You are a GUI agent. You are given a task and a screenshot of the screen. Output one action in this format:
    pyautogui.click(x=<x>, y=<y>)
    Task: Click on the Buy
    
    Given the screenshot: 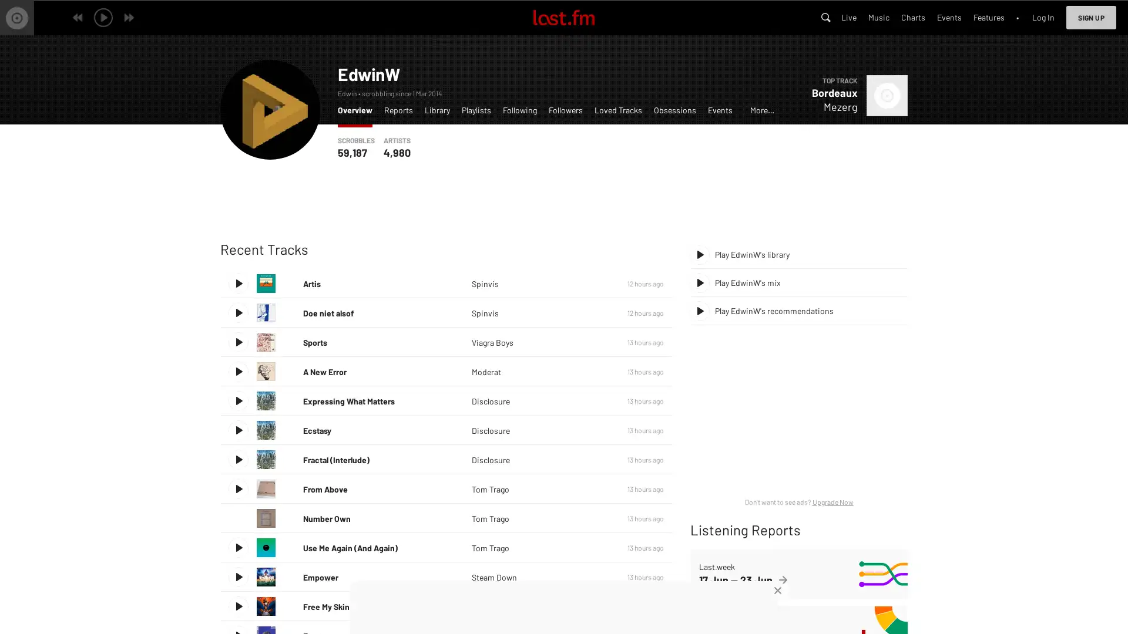 What is the action you would take?
    pyautogui.click(x=592, y=459)
    